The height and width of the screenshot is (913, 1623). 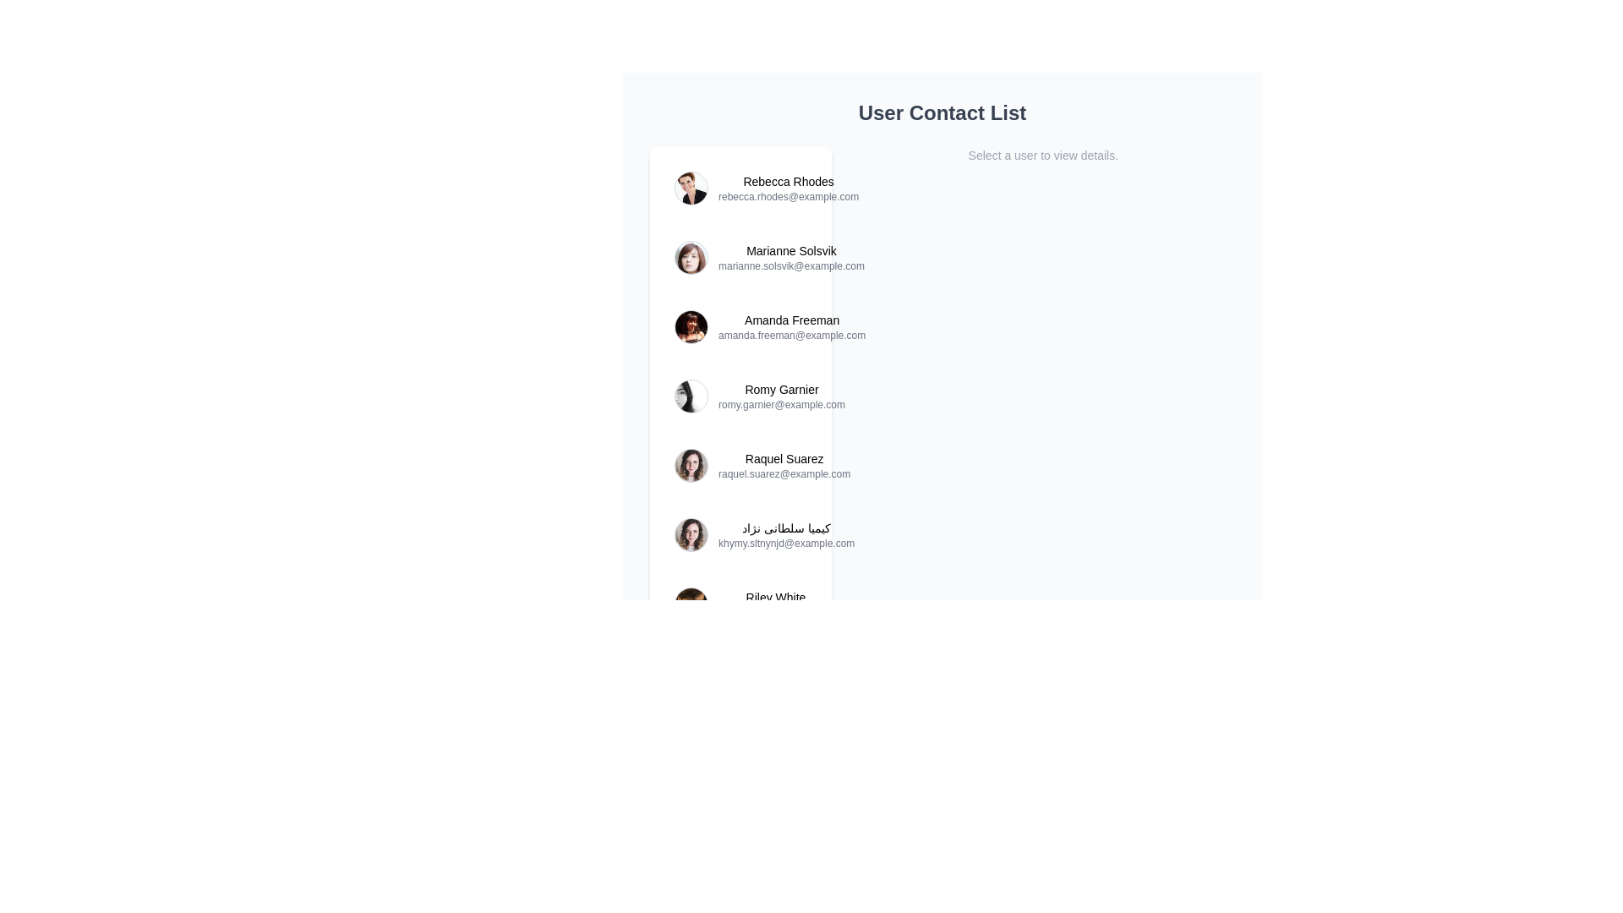 What do you see at coordinates (774, 596) in the screenshot?
I see `the text label displaying 'Riley White'` at bounding box center [774, 596].